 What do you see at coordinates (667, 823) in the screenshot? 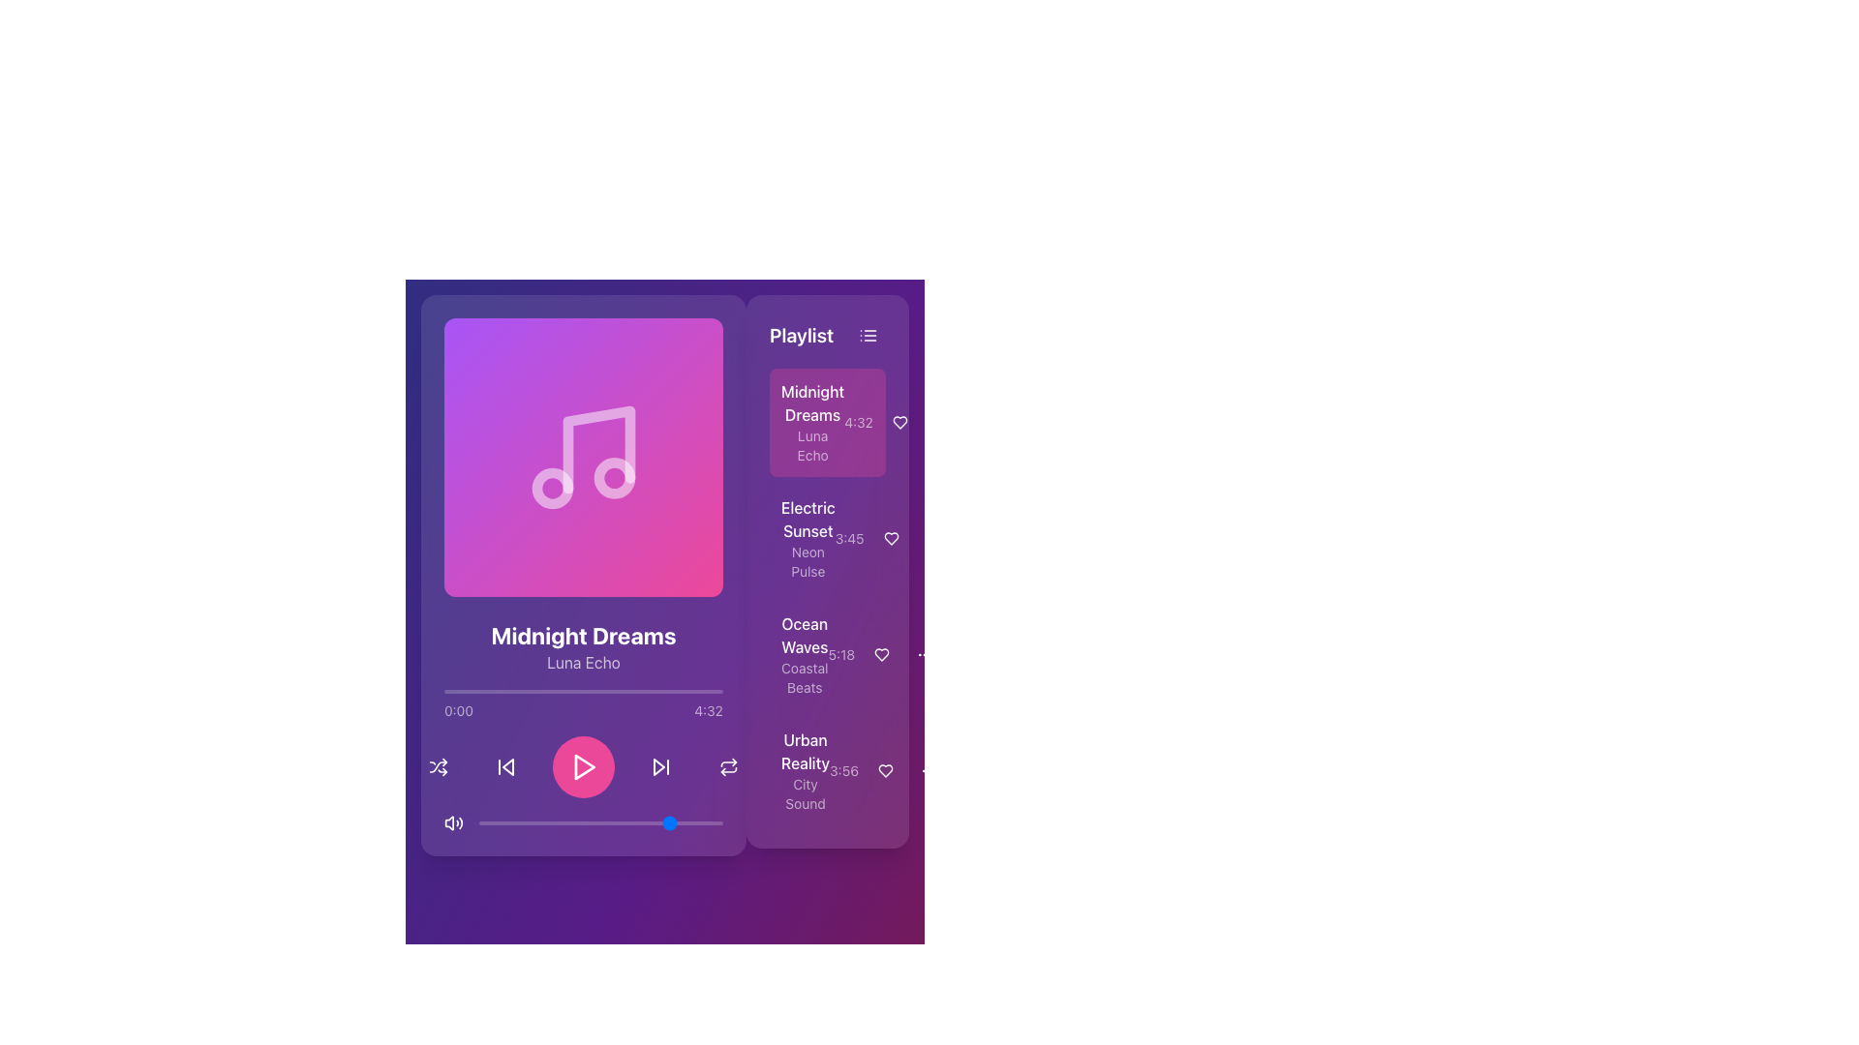
I see `playback progress` at bounding box center [667, 823].